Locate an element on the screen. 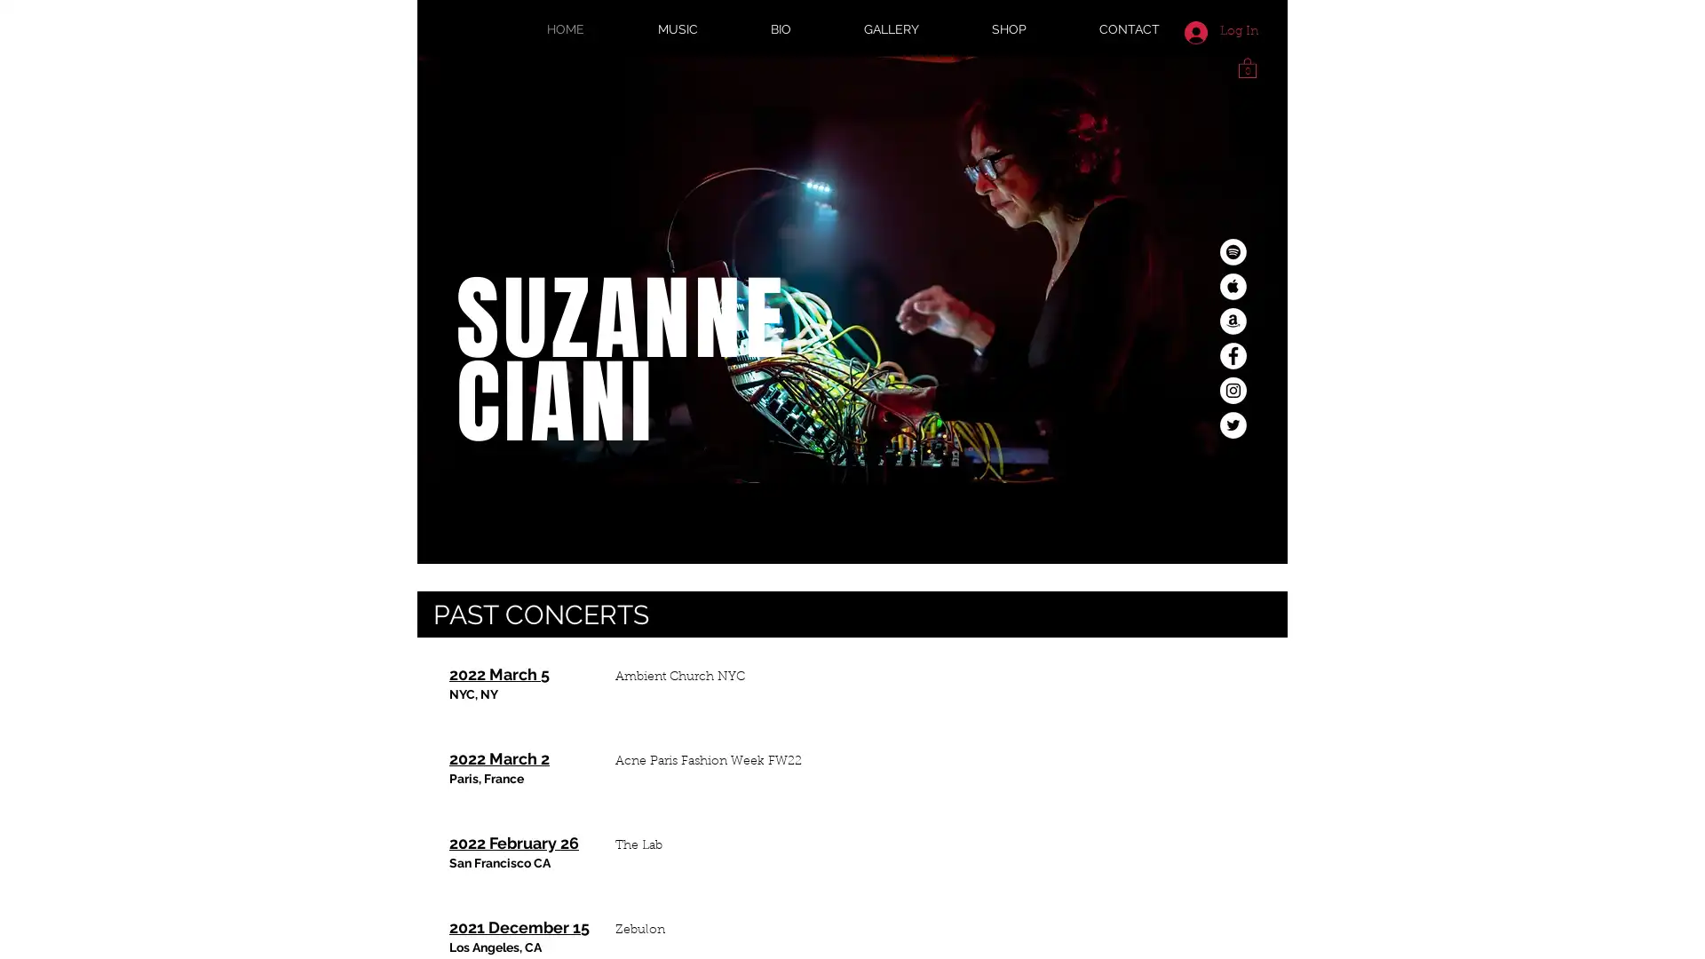  Log In is located at coordinates (1220, 31).